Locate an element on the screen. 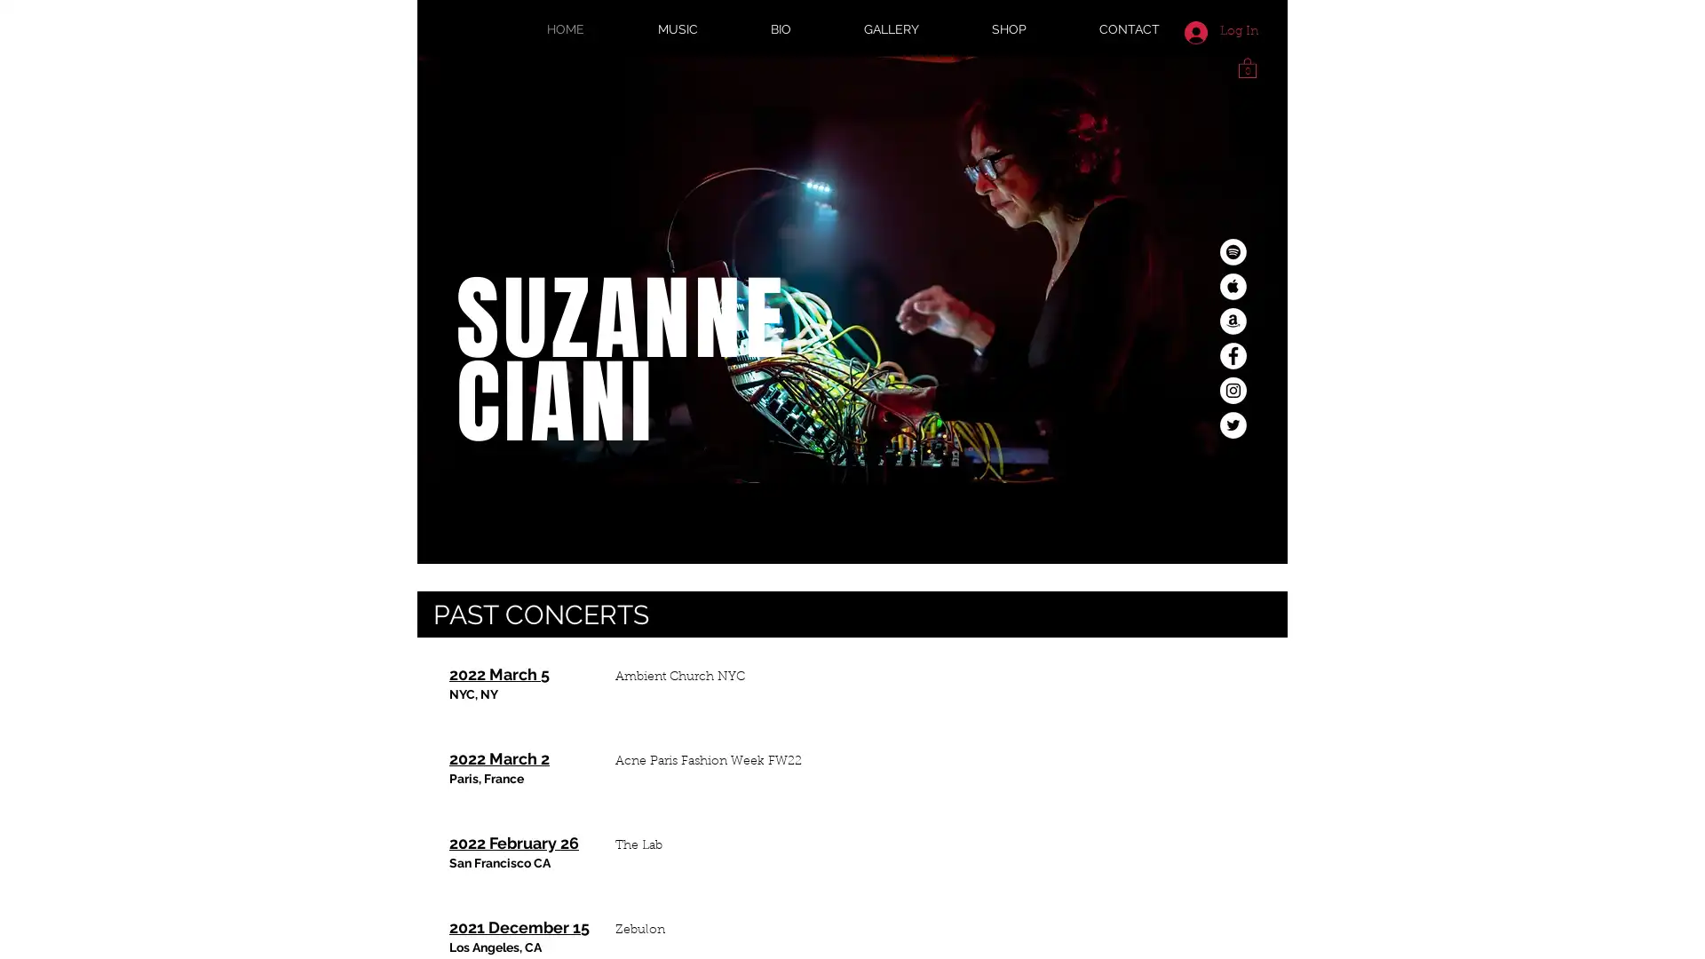  Log In is located at coordinates (1220, 31).